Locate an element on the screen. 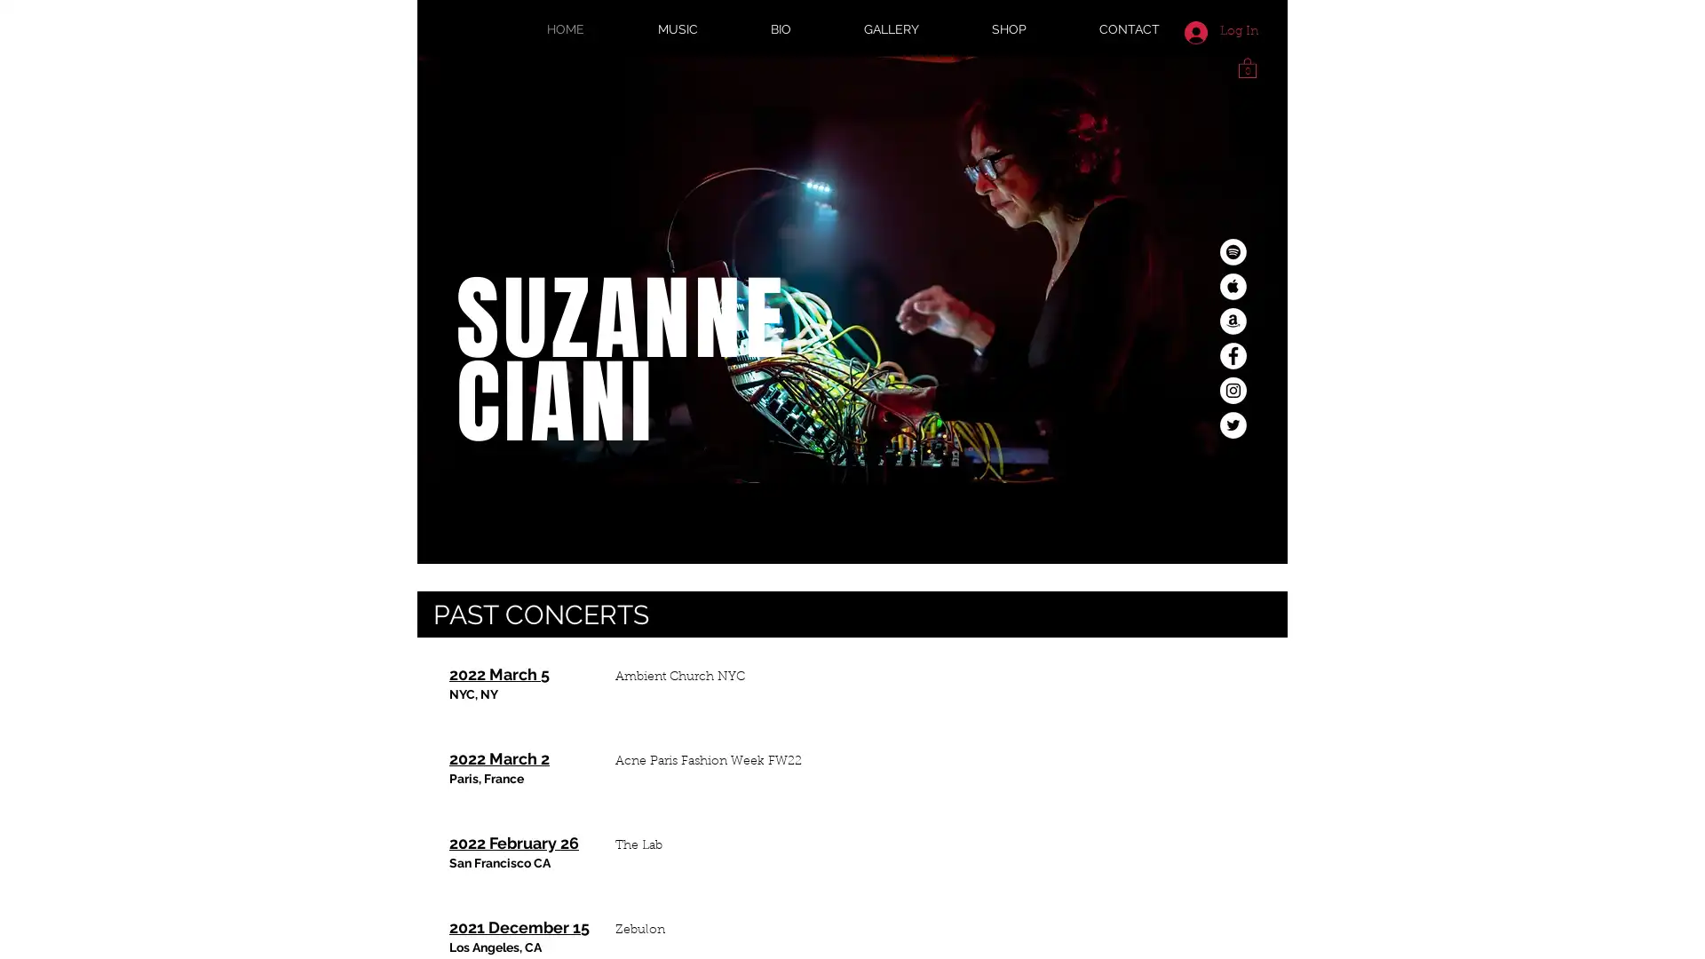  Log In is located at coordinates (1220, 31).